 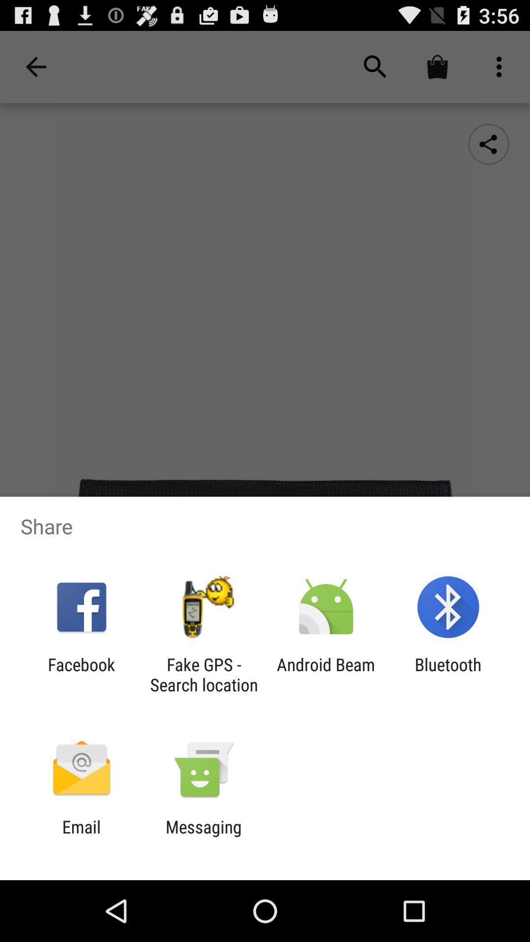 What do you see at coordinates (81, 837) in the screenshot?
I see `the icon next to the messaging item` at bounding box center [81, 837].